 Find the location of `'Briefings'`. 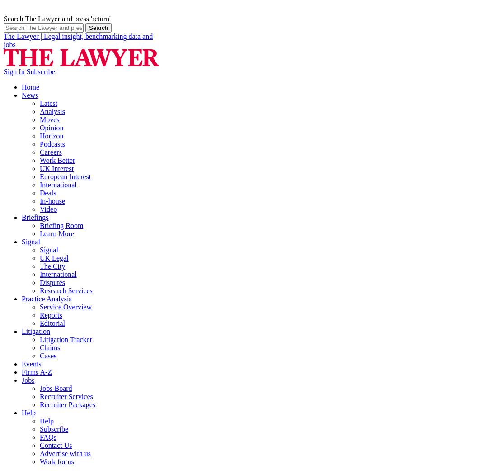

'Briefings' is located at coordinates (35, 216).